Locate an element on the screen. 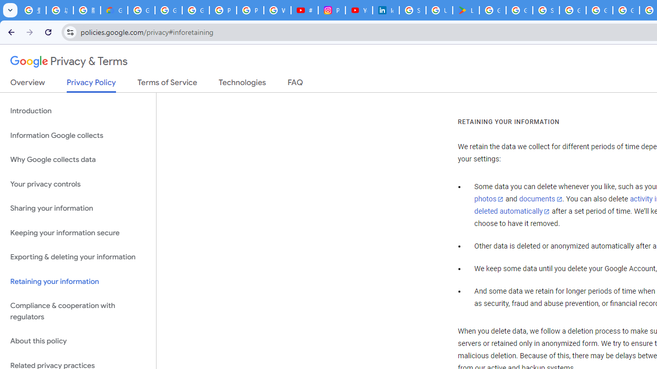 The height and width of the screenshot is (369, 657). 'Information Google collects' is located at coordinates (78, 135).